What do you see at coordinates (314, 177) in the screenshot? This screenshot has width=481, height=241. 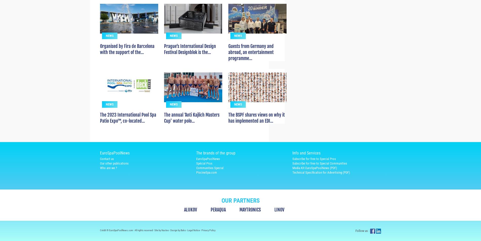 I see `'Media Kit EuroSpaPoolNews (PDF)'` at bounding box center [314, 177].